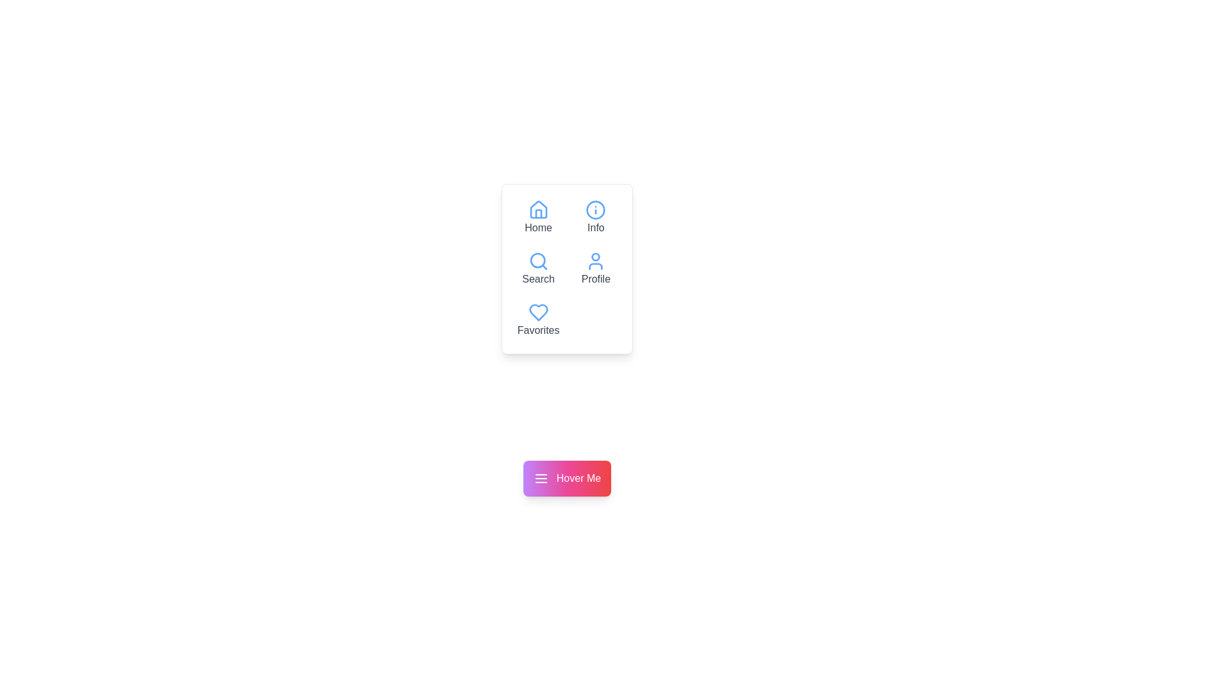  What do you see at coordinates (538, 278) in the screenshot?
I see `the Text label indicating the functionality of the search feature, which is located below the magnifying glass icon and above the 'Favorites' text label` at bounding box center [538, 278].